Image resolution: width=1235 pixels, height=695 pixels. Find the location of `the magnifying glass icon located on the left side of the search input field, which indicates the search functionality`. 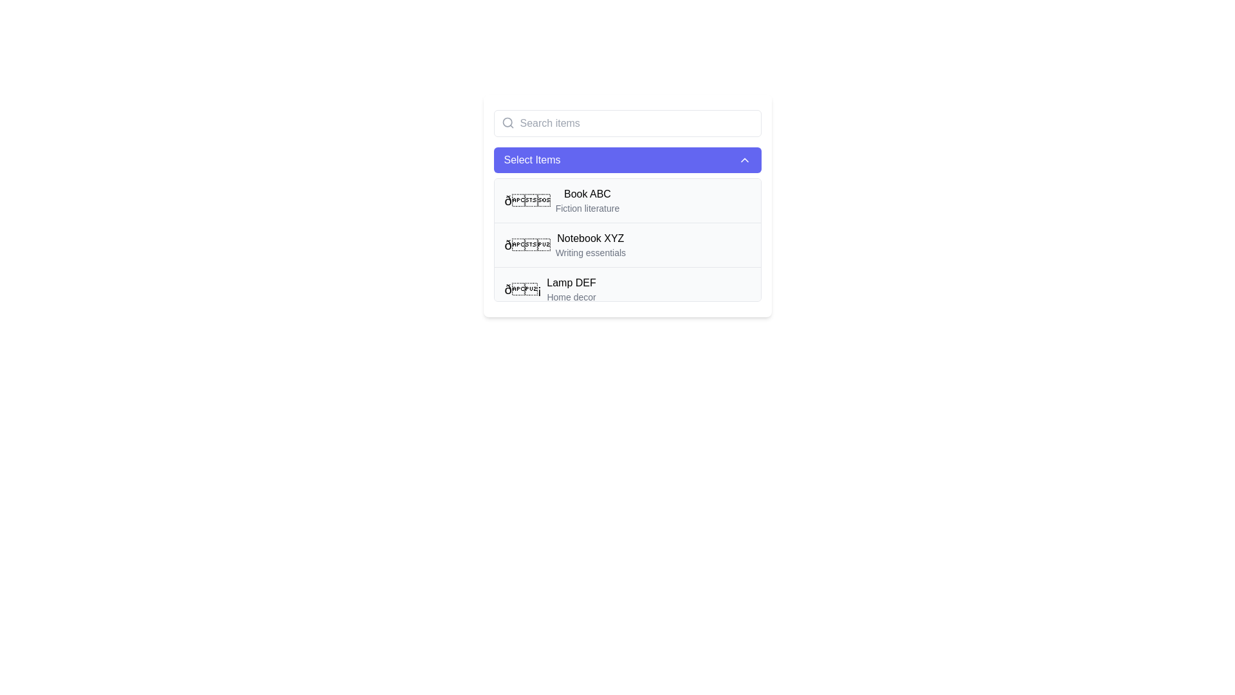

the magnifying glass icon located on the left side of the search input field, which indicates the search functionality is located at coordinates (507, 123).